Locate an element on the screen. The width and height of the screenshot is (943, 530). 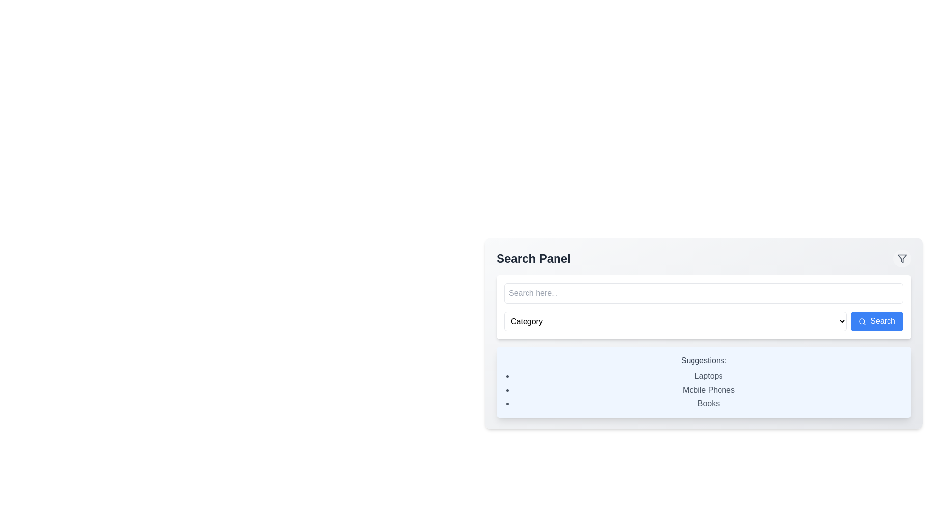
displayed text from the bullet-point list containing 'Laptops', 'Mobile Phones', and 'Books', which is located in the lower section of the 'Search Panel' below the title 'Suggestions:' is located at coordinates (703, 389).